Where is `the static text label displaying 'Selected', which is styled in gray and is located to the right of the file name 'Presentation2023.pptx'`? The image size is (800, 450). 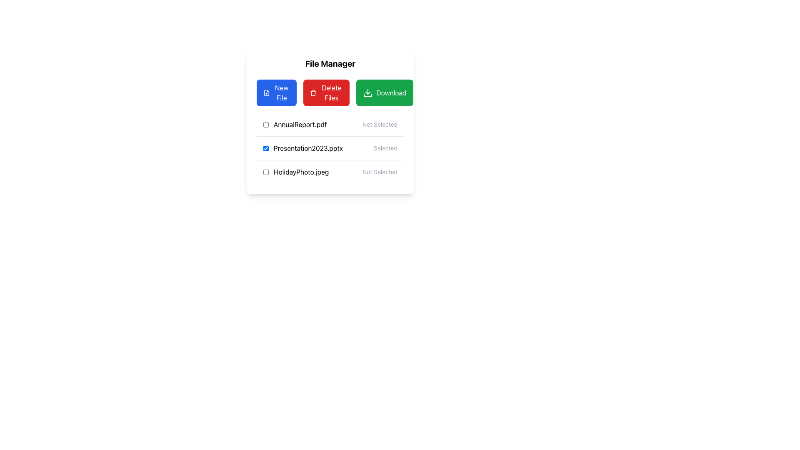
the static text label displaying 'Selected', which is styled in gray and is located to the right of the file name 'Presentation2023.pptx' is located at coordinates (385, 147).